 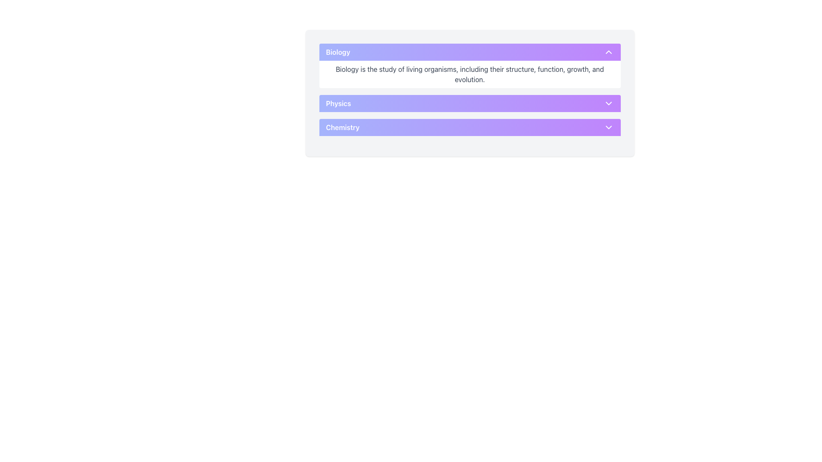 What do you see at coordinates (608, 127) in the screenshot?
I see `the toggle icon for the 'Chemistry' section` at bounding box center [608, 127].